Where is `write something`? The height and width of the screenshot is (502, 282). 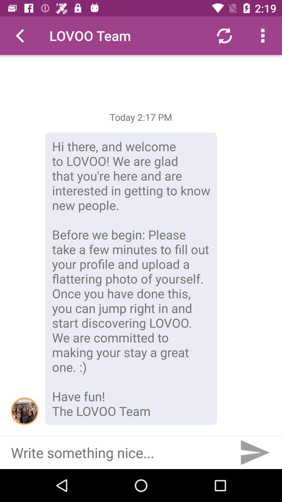
write something is located at coordinates (117, 452).